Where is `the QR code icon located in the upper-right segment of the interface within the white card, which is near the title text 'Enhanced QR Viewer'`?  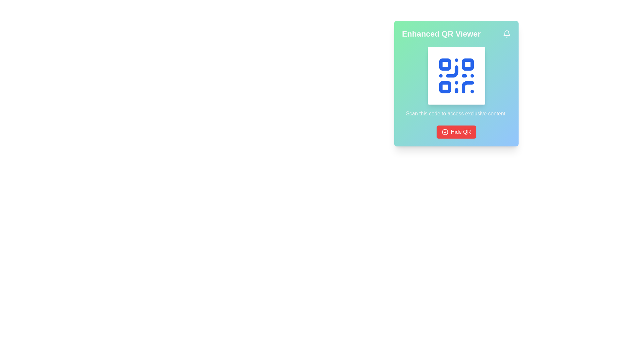
the QR code icon located in the upper-right segment of the interface within the white card, which is near the title text 'Enhanced QR Viewer' is located at coordinates (456, 75).